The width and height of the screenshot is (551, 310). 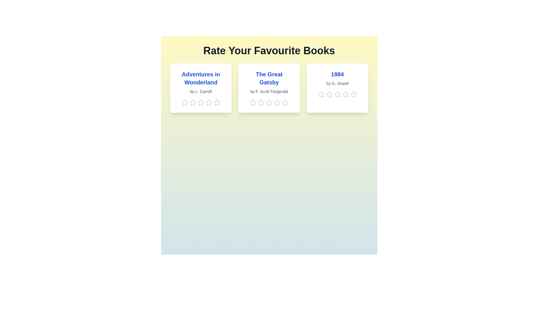 I want to click on the 3 star for the book titled '1984', so click(x=337, y=94).